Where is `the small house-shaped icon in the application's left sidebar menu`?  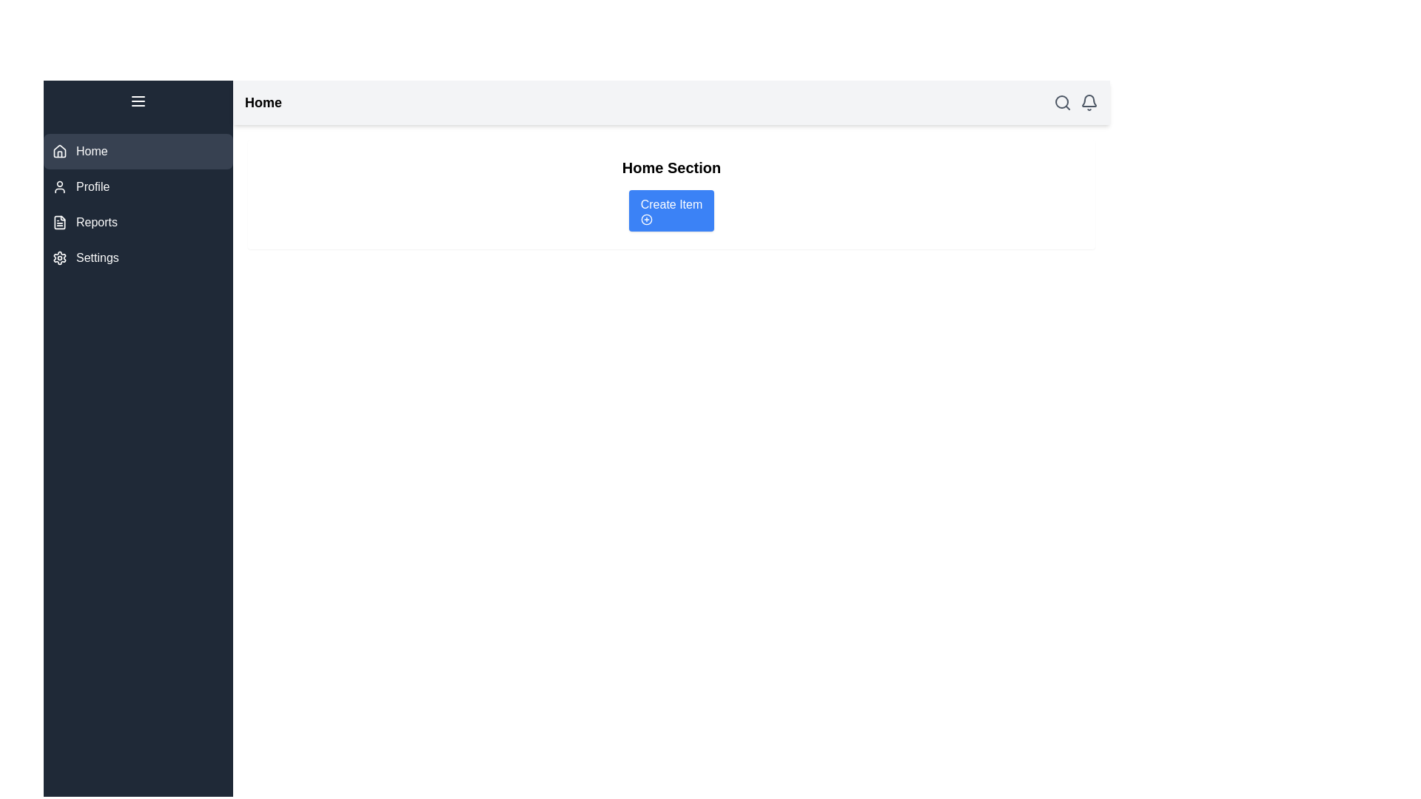
the small house-shaped icon in the application's left sidebar menu is located at coordinates (59, 151).